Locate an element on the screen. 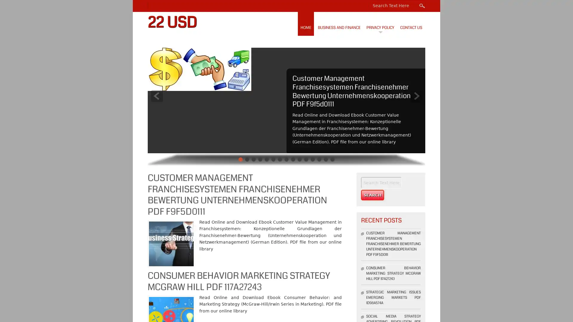 This screenshot has height=322, width=573. Search is located at coordinates (372, 195).